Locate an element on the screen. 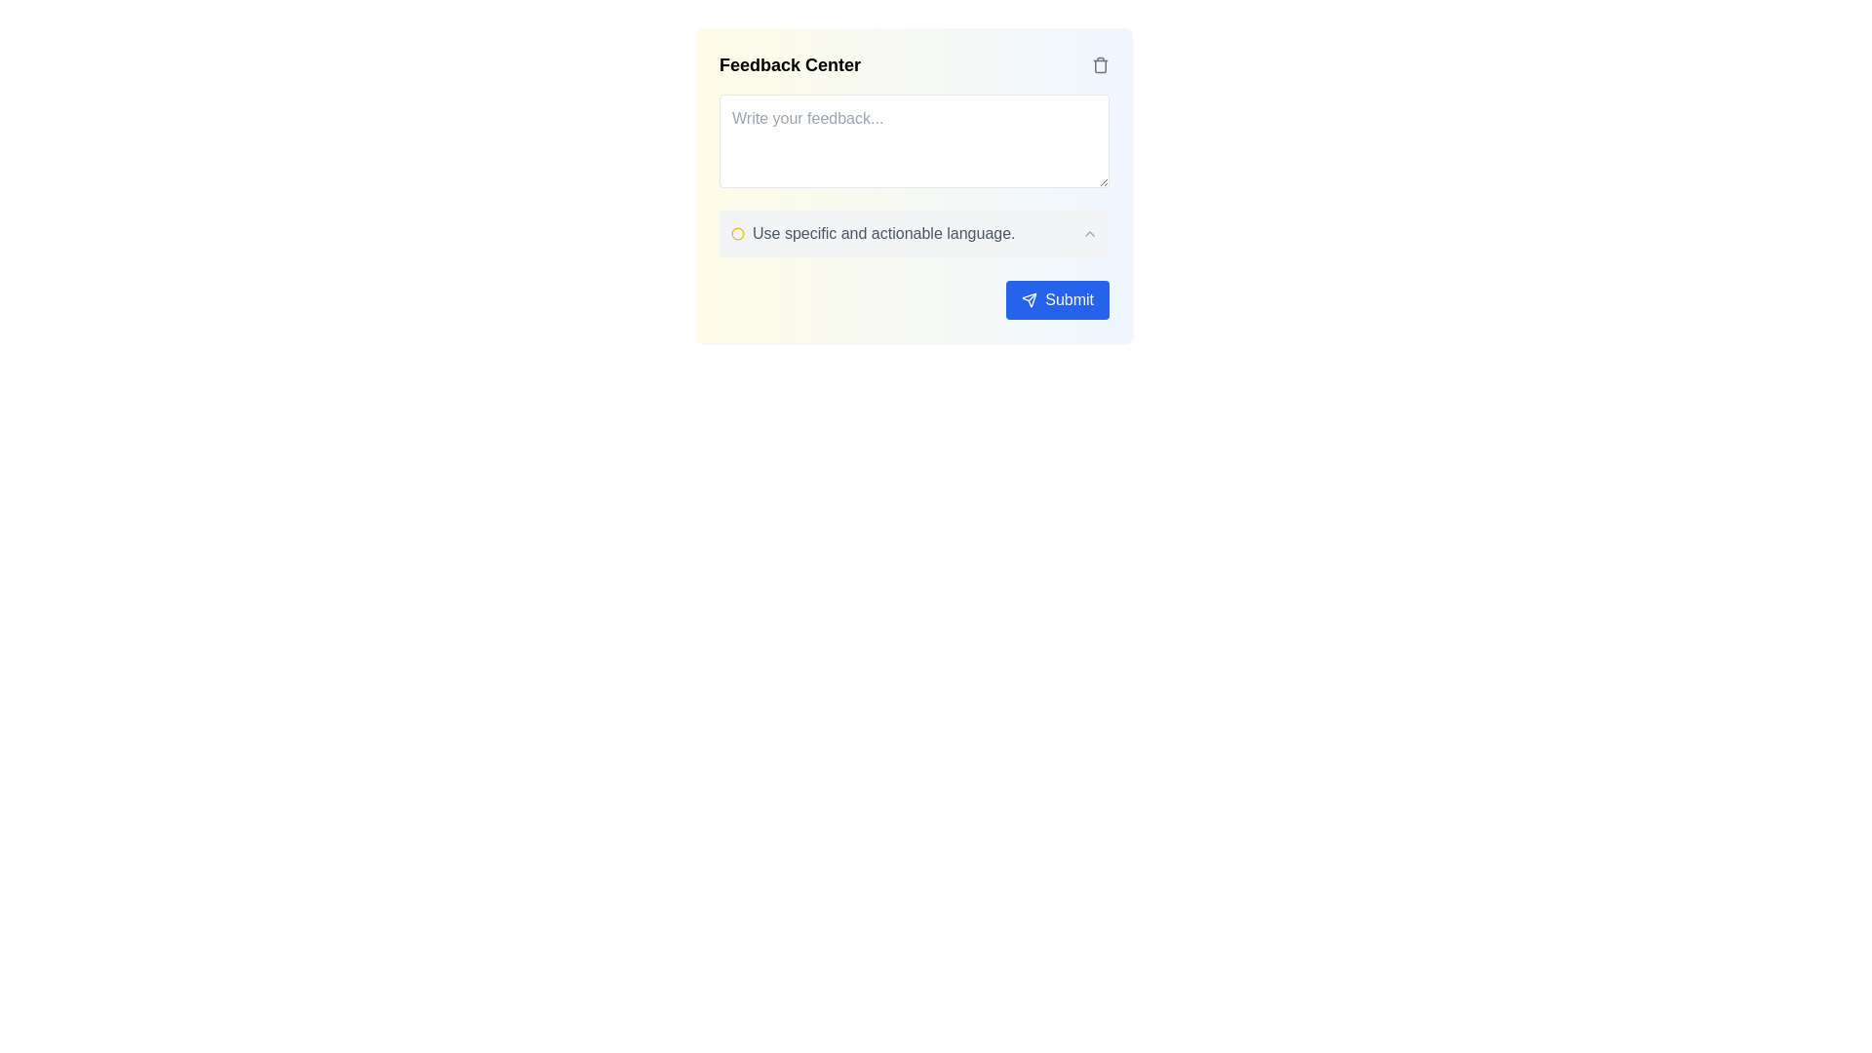 The image size is (1872, 1053). the submit button located in the bottom-right corner of the feedback form is located at coordinates (1057, 300).